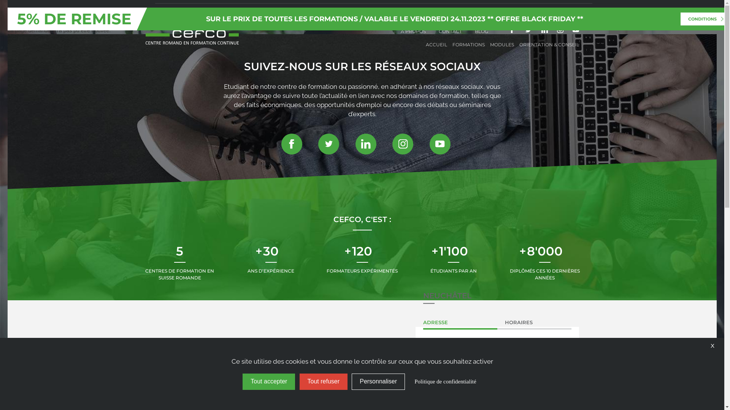 This screenshot has height=410, width=730. I want to click on 'Tout accepter', so click(268, 382).